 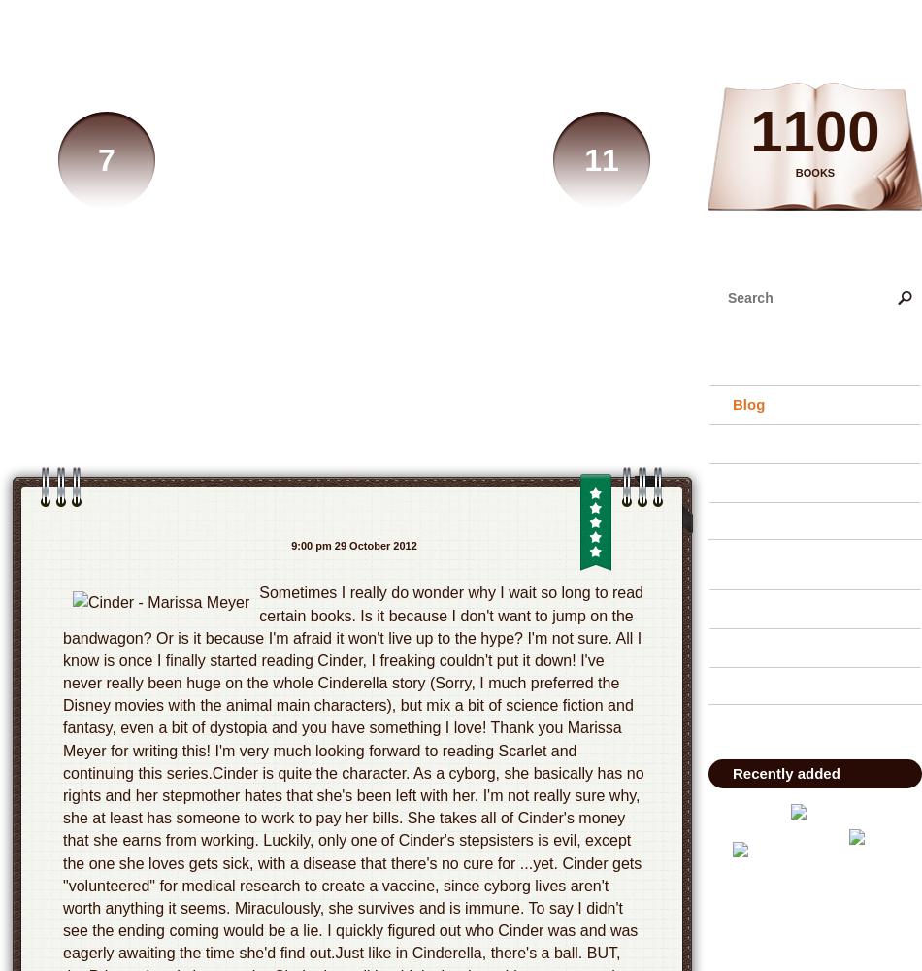 I want to click on 'Blog', so click(x=747, y=404).